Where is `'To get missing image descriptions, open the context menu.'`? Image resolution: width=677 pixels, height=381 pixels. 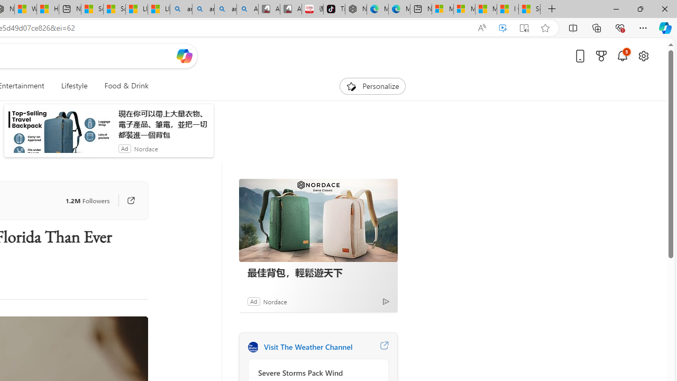 'To get missing image descriptions, open the context menu.' is located at coordinates (351, 85).